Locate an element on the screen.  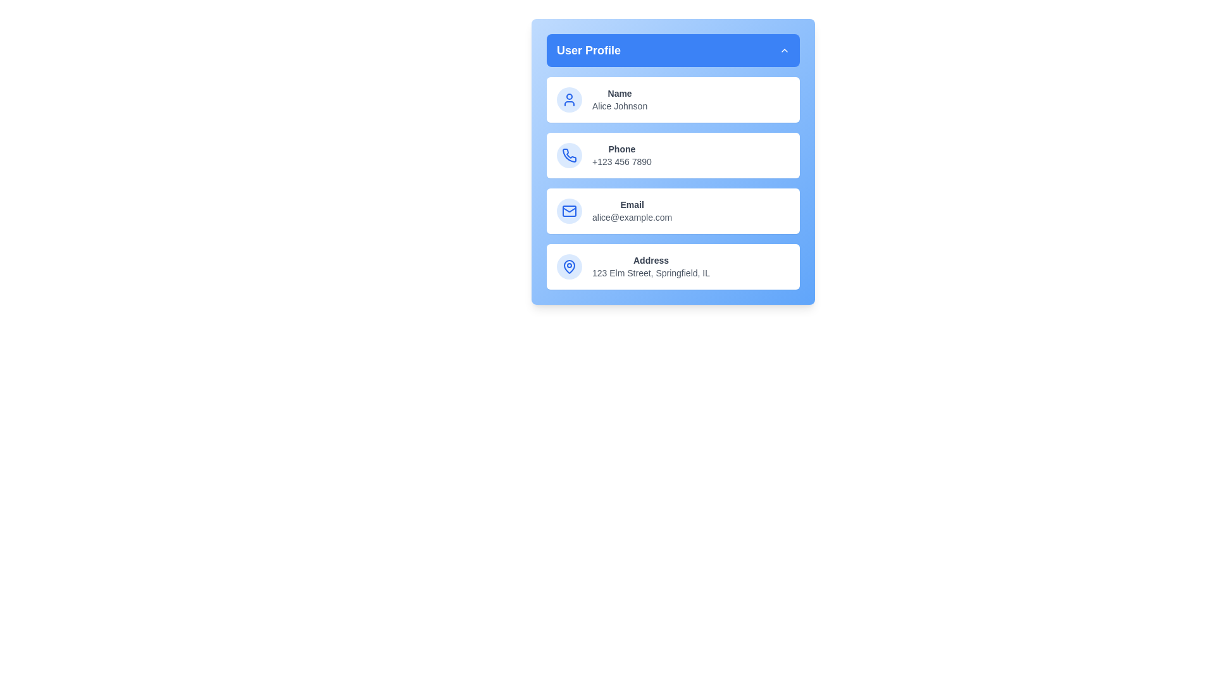
the Informational card that displays the user's name, located at the top of the user profile section is located at coordinates (673, 99).